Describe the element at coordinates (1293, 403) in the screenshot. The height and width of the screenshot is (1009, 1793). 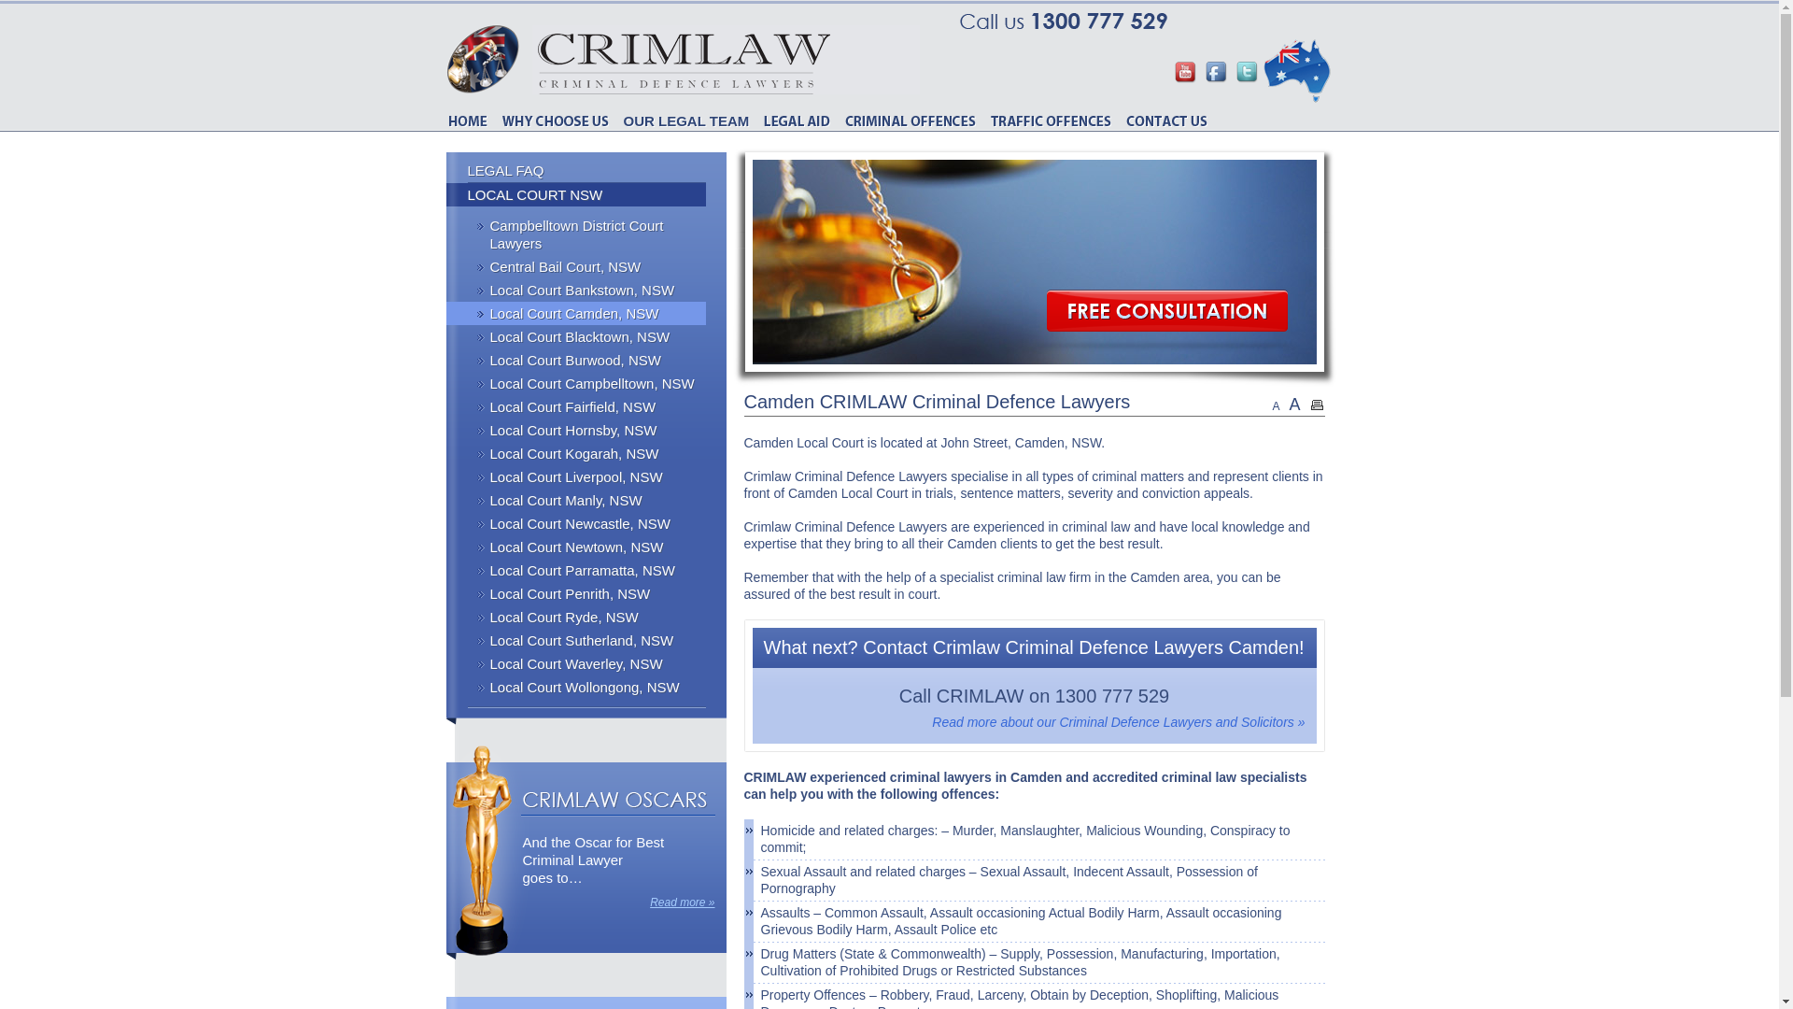
I see `'A'` at that location.